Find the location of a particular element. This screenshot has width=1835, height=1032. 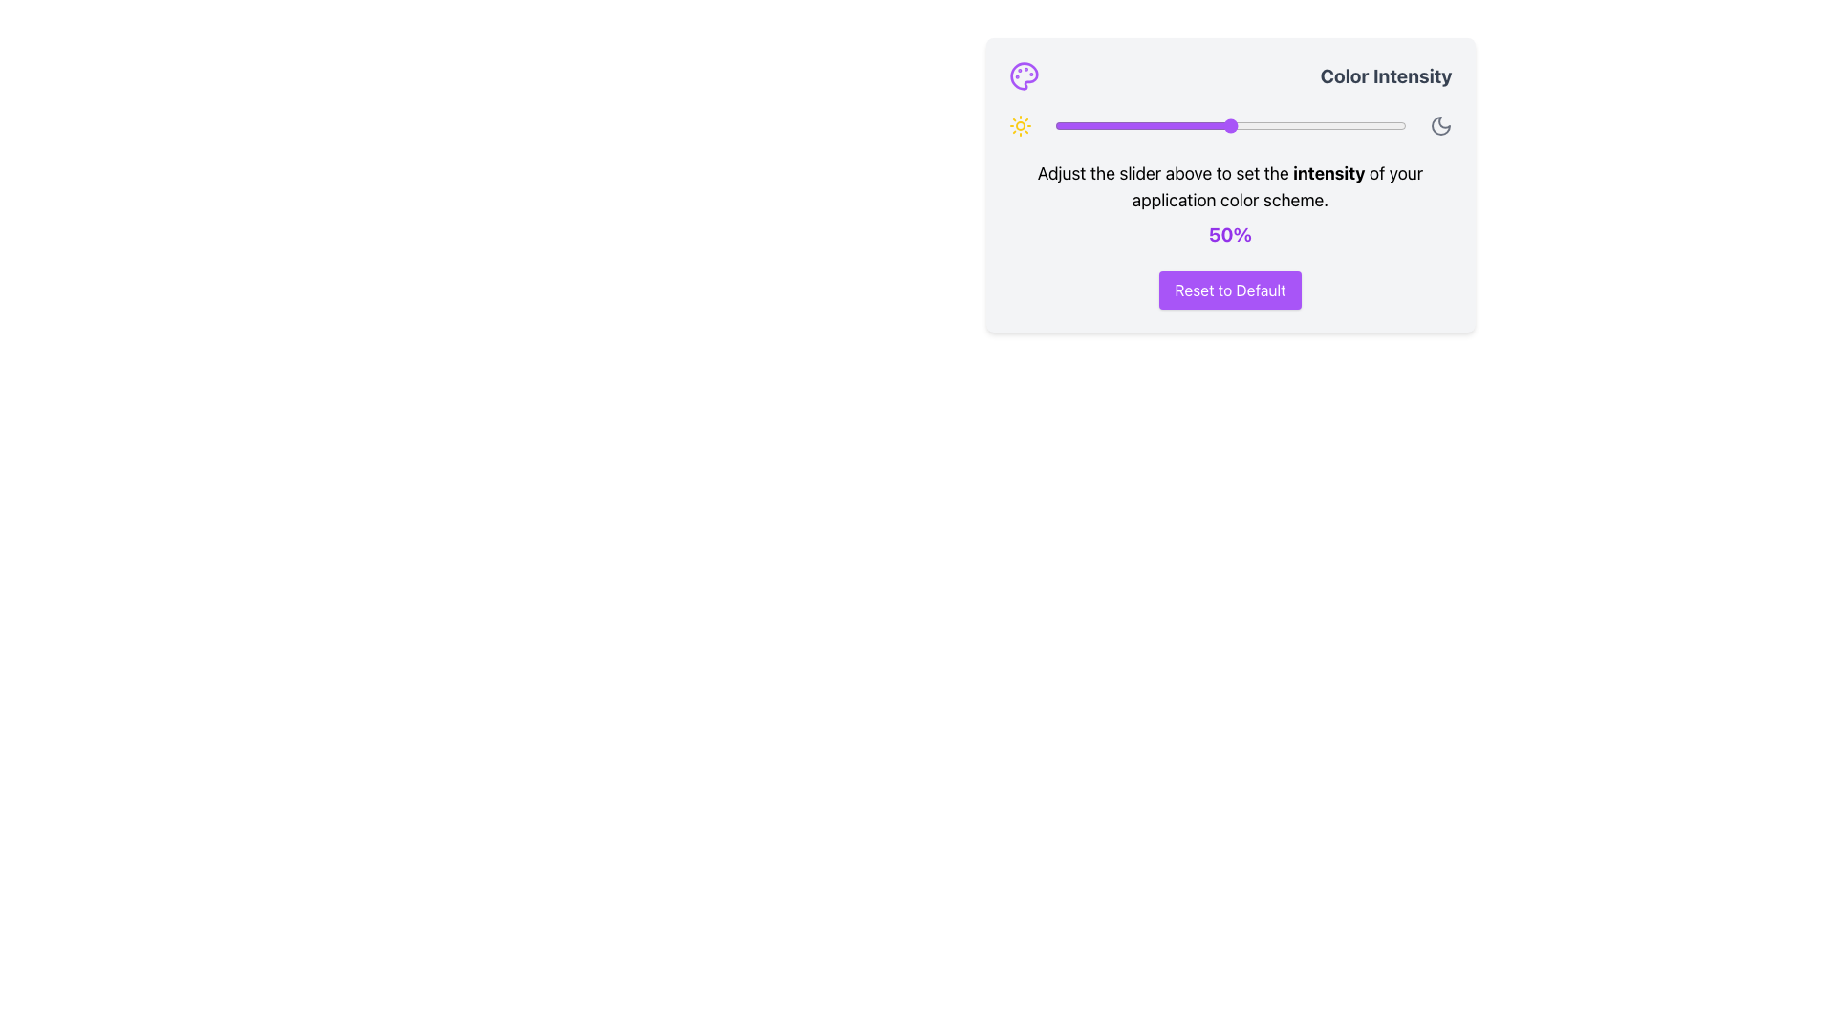

the color intensity is located at coordinates (1230, 125).